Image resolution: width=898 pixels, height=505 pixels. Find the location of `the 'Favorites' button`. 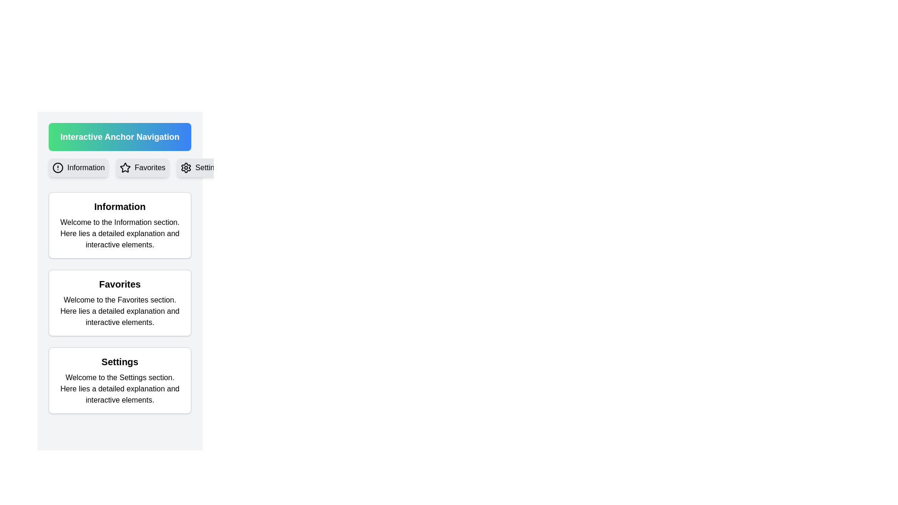

the 'Favorites' button is located at coordinates (142, 167).